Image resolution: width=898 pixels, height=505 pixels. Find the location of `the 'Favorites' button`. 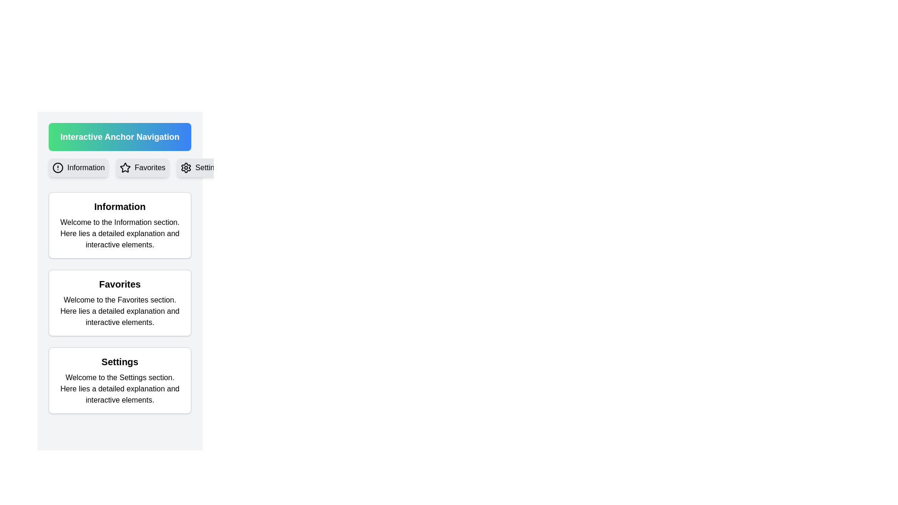

the 'Favorites' button is located at coordinates (142, 167).